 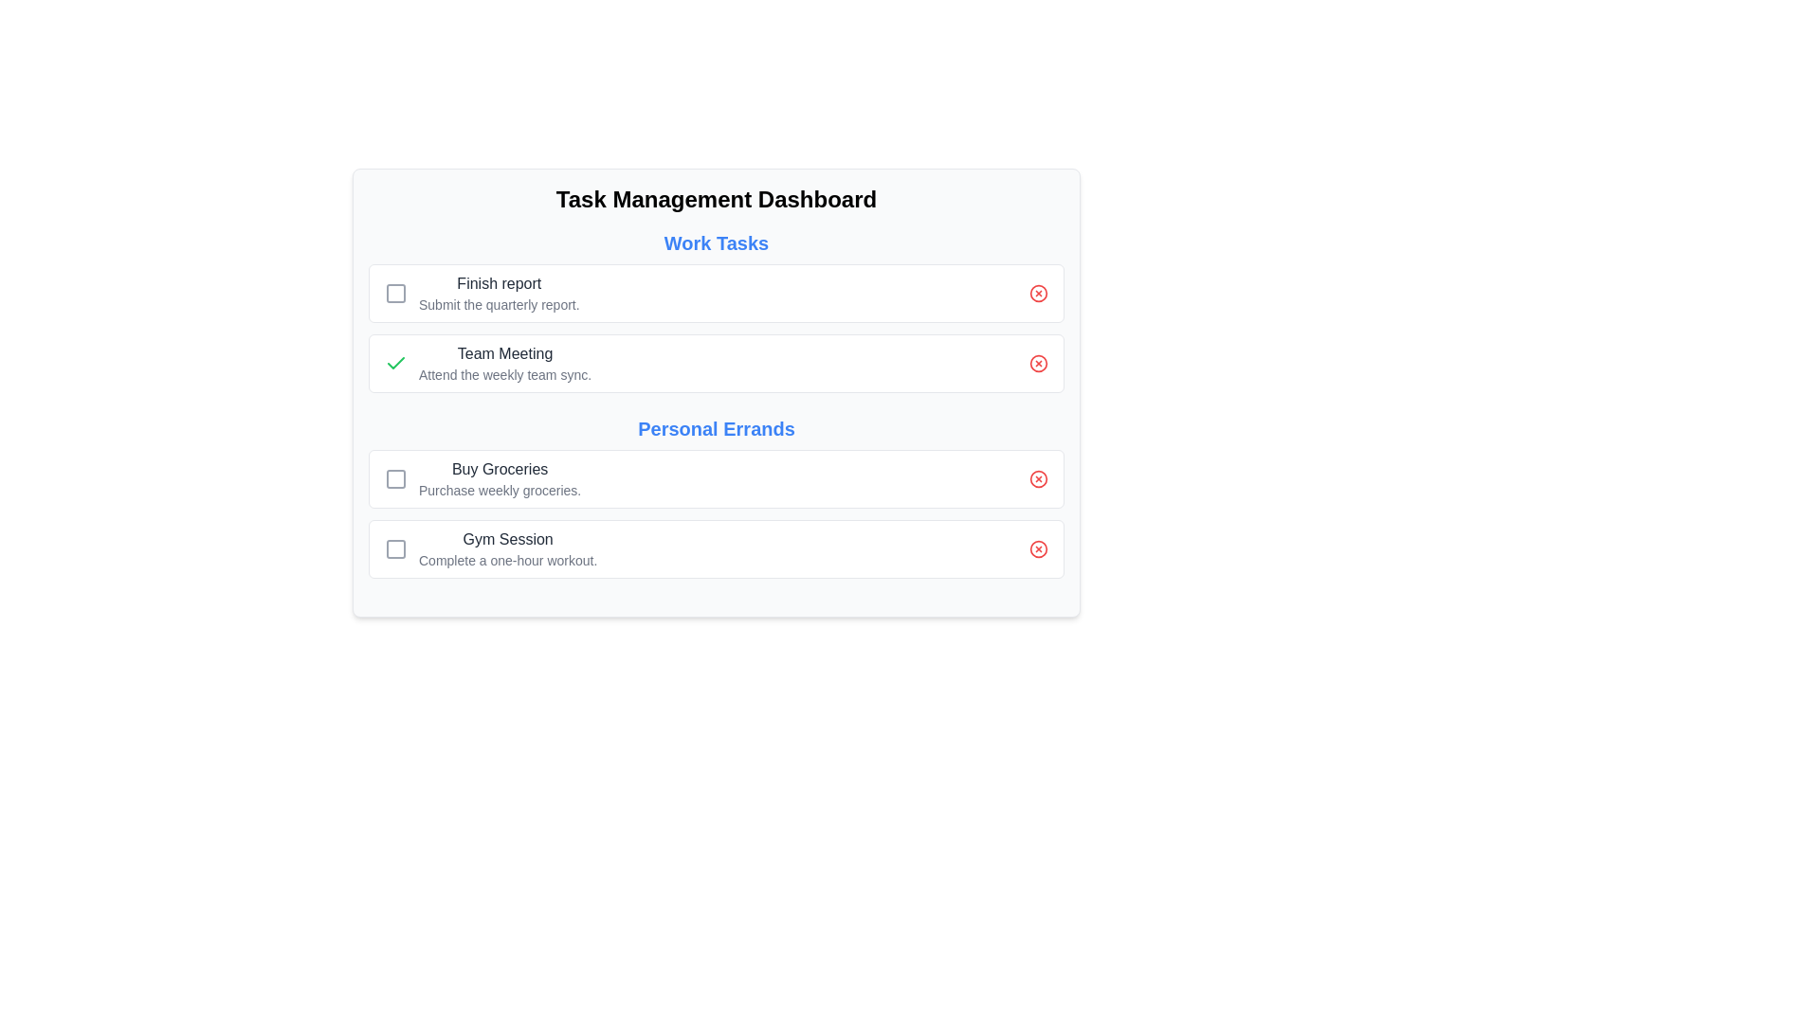 What do you see at coordinates (500, 477) in the screenshot?
I see `descriptive information from the third list item in the 'Personal Errands' section, located below 'Work Tasks' and adjacent to a checkbox` at bounding box center [500, 477].